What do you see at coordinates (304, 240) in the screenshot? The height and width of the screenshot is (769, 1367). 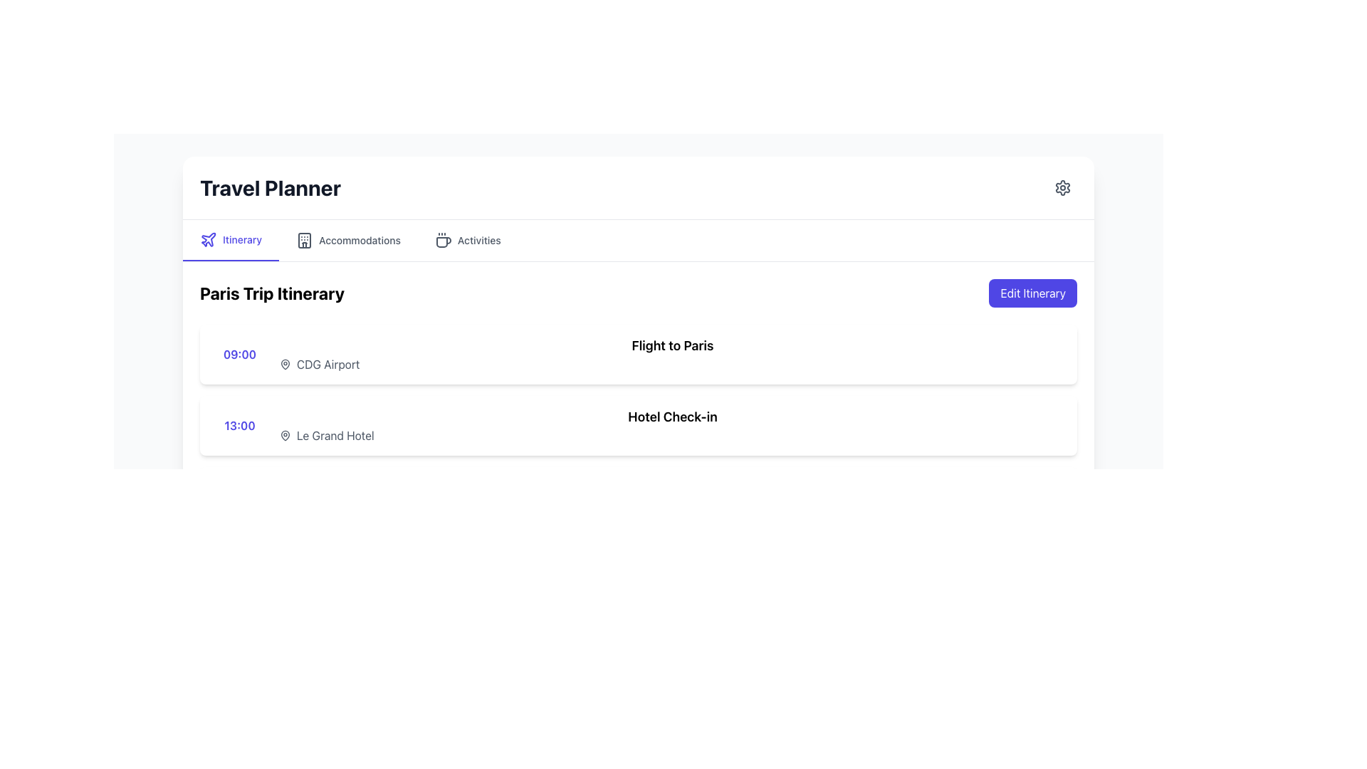 I see `the navigation button located between the 'Itinerary' and 'Accommodations' buttons` at bounding box center [304, 240].